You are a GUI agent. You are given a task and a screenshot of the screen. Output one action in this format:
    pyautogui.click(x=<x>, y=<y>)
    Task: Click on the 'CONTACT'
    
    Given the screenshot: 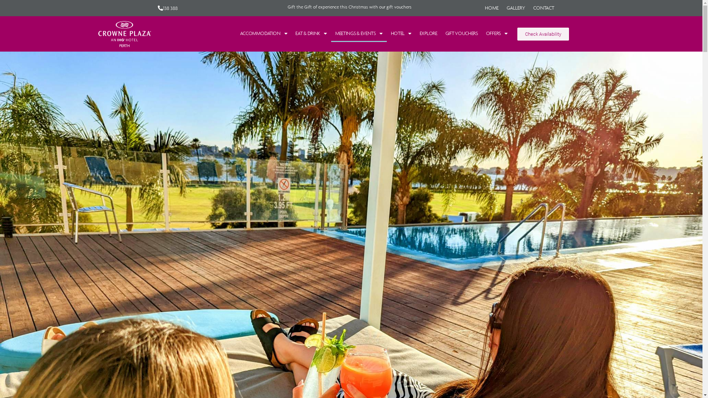 What is the action you would take?
    pyautogui.click(x=544, y=8)
    